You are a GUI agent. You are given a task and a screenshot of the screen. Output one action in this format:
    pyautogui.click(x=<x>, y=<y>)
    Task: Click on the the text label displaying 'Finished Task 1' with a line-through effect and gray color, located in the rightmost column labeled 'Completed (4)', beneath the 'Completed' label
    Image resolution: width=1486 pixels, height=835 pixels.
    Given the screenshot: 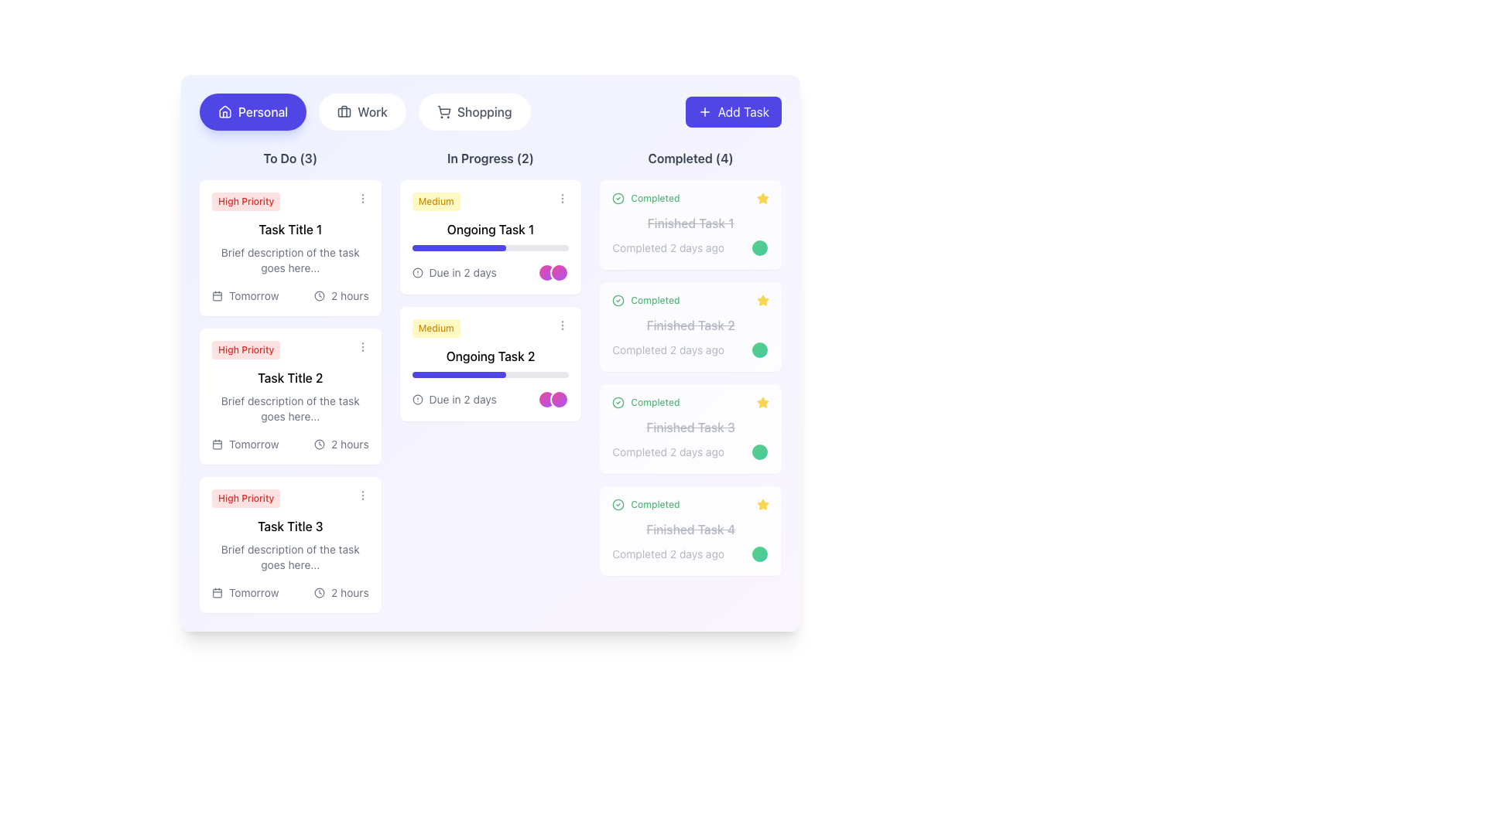 What is the action you would take?
    pyautogui.click(x=690, y=223)
    